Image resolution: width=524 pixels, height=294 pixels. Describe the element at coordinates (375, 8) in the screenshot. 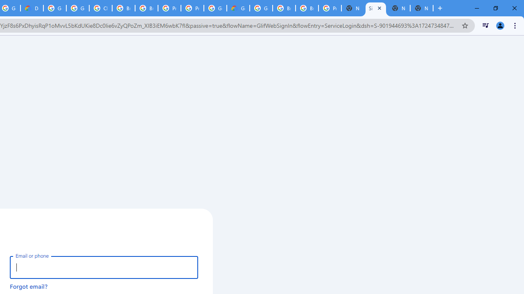

I see `'Sign in - Google Accounts'` at that location.